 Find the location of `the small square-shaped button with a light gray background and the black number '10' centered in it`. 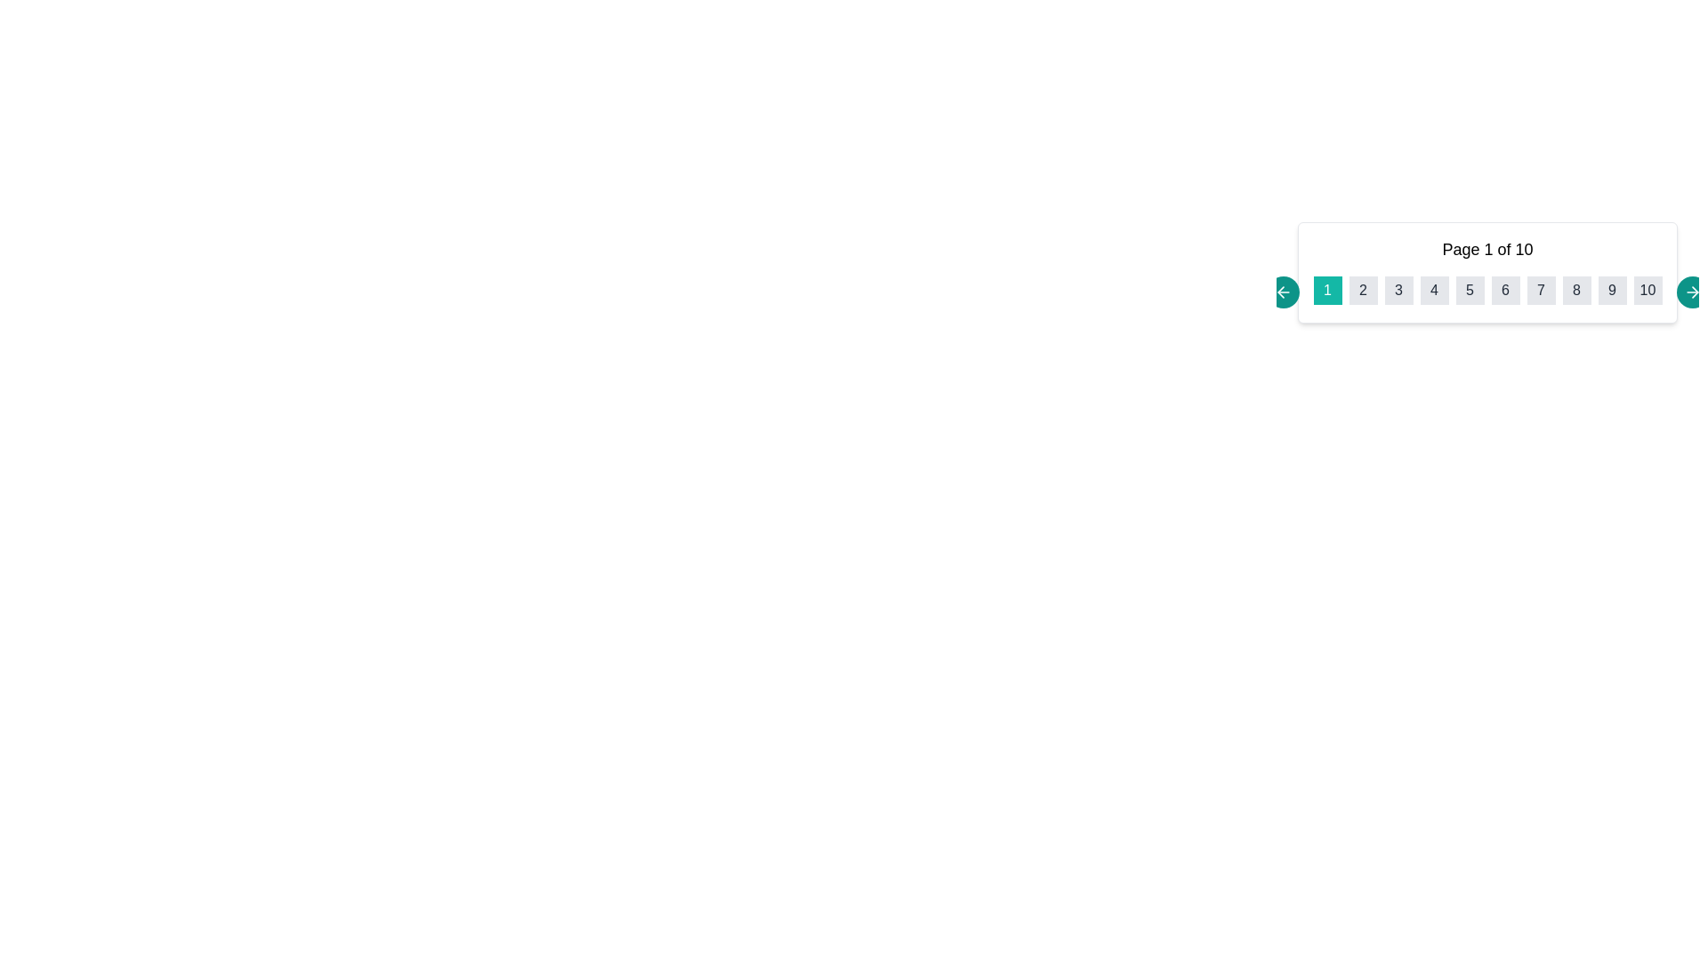

the small square-shaped button with a light gray background and the black number '10' centered in it is located at coordinates (1647, 290).